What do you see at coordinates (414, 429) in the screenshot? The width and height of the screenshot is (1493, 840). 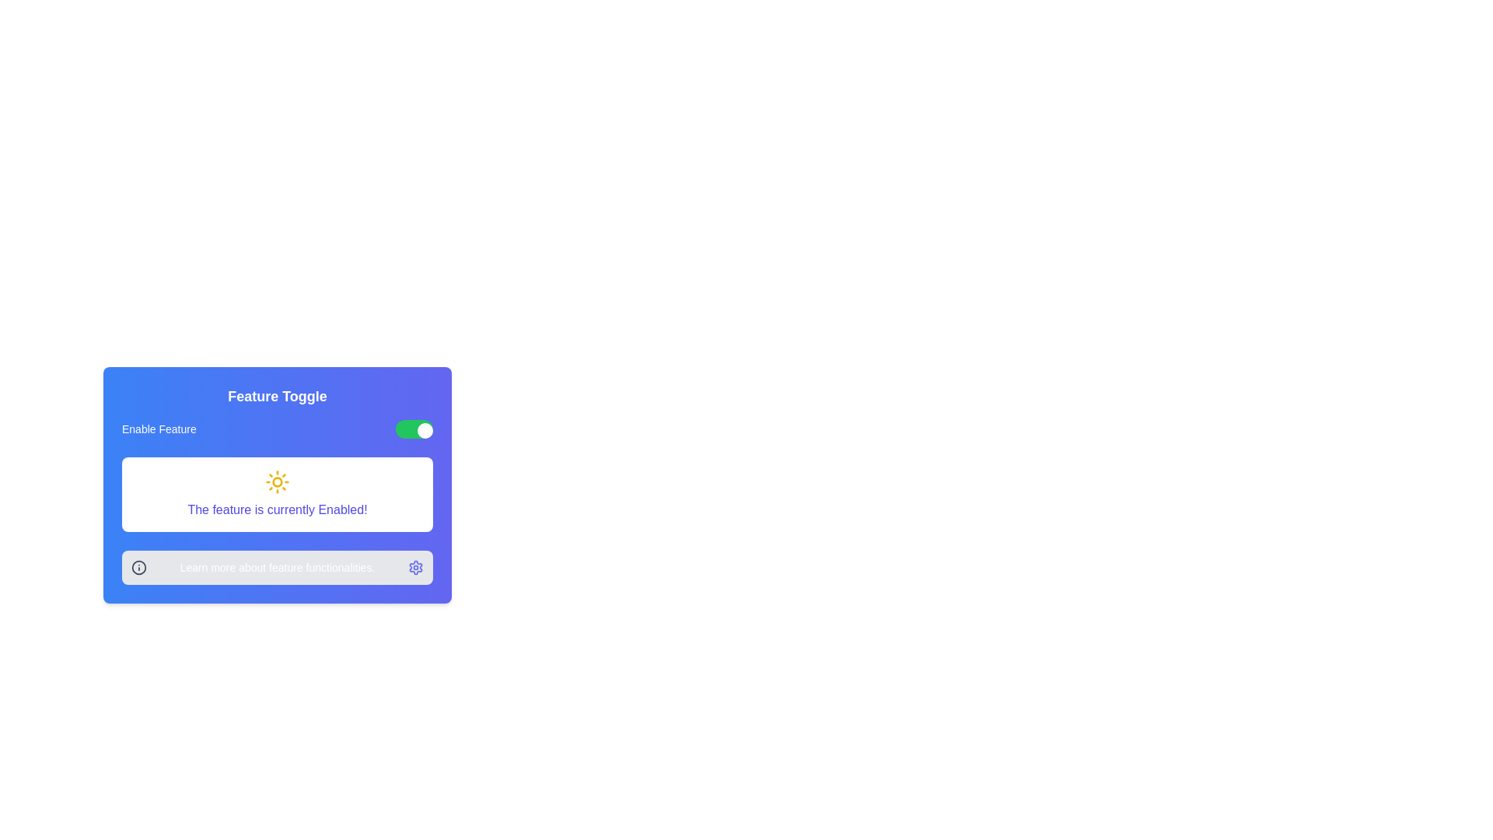 I see `the toggle switch located to the right of the 'Enable Feature' label in the 'Feature Toggle' section to switch its state` at bounding box center [414, 429].